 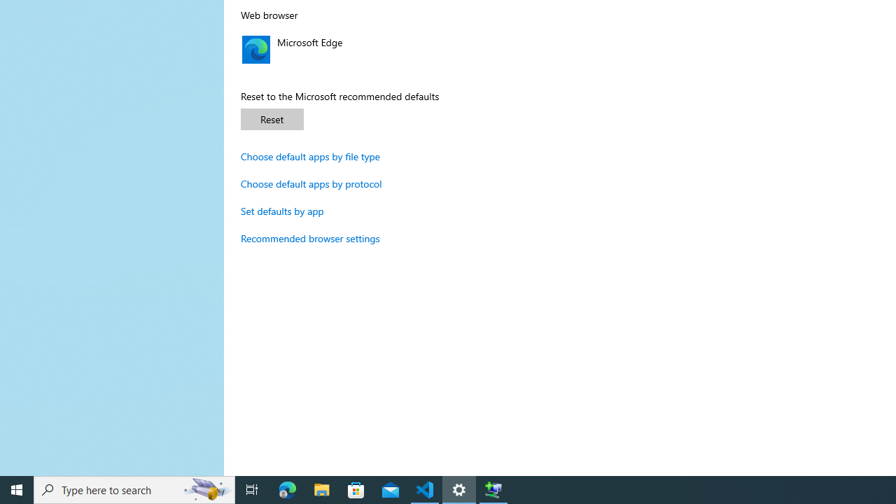 I want to click on 'Choose default apps by file type', so click(x=310, y=156).